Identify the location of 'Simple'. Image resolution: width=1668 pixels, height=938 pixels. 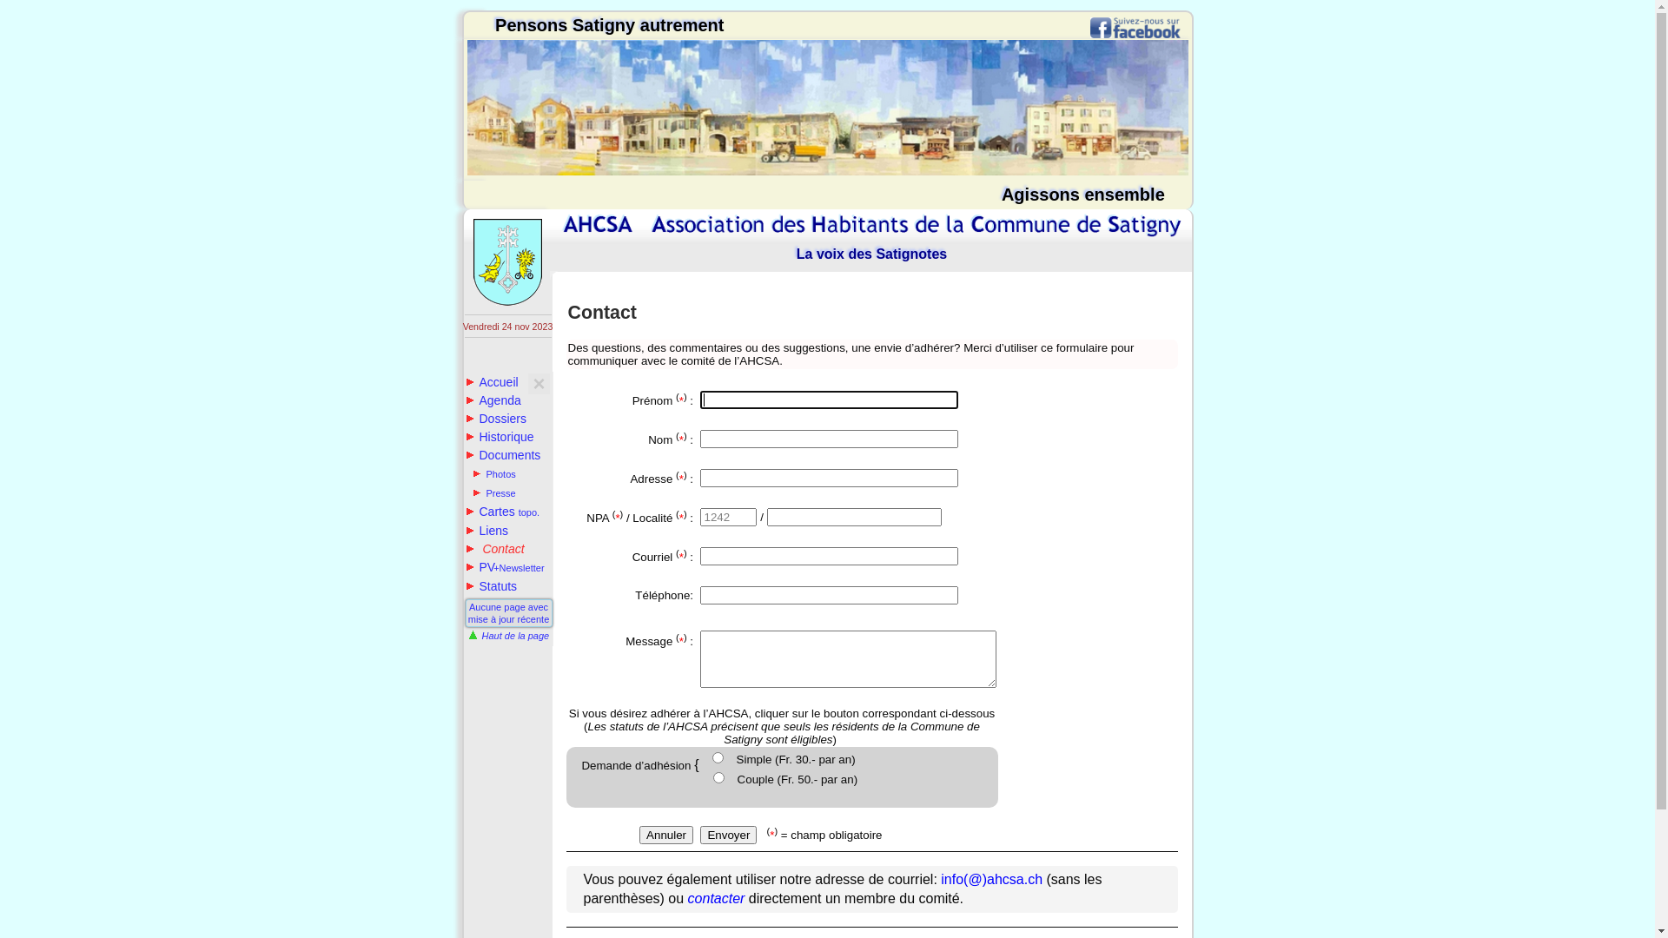
(712, 756).